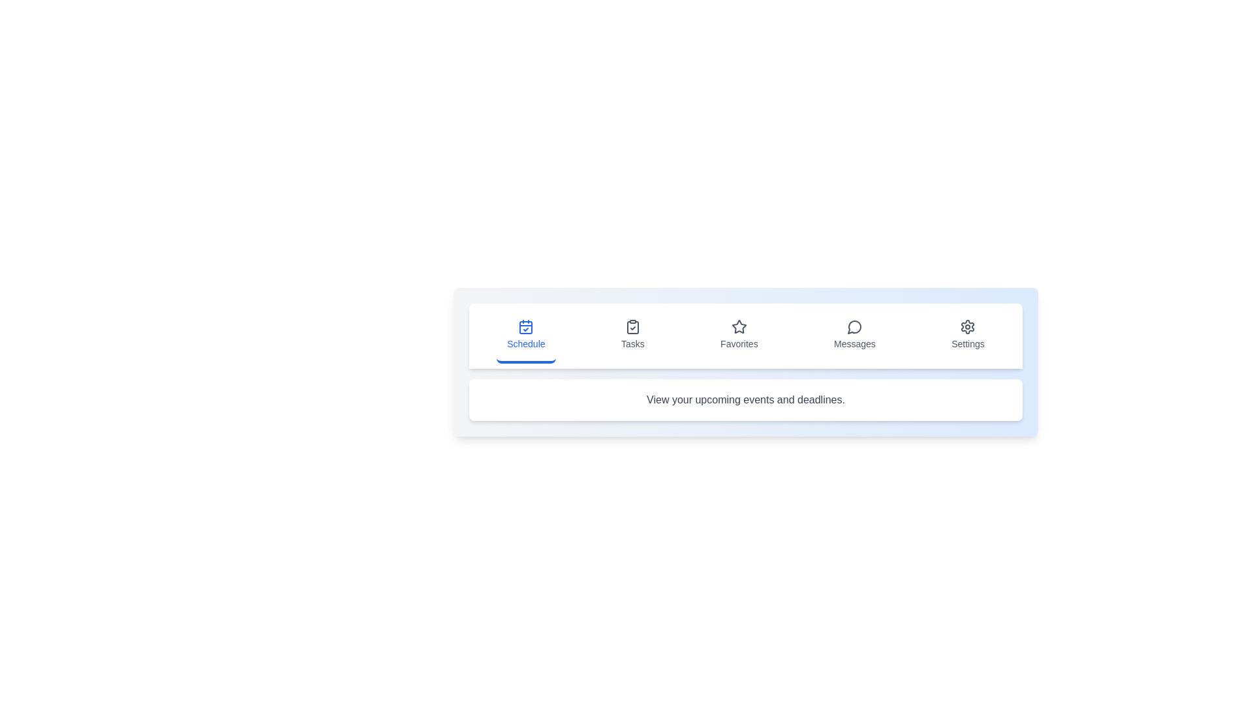  Describe the element at coordinates (855, 336) in the screenshot. I see `the tab labeled Messages` at that location.